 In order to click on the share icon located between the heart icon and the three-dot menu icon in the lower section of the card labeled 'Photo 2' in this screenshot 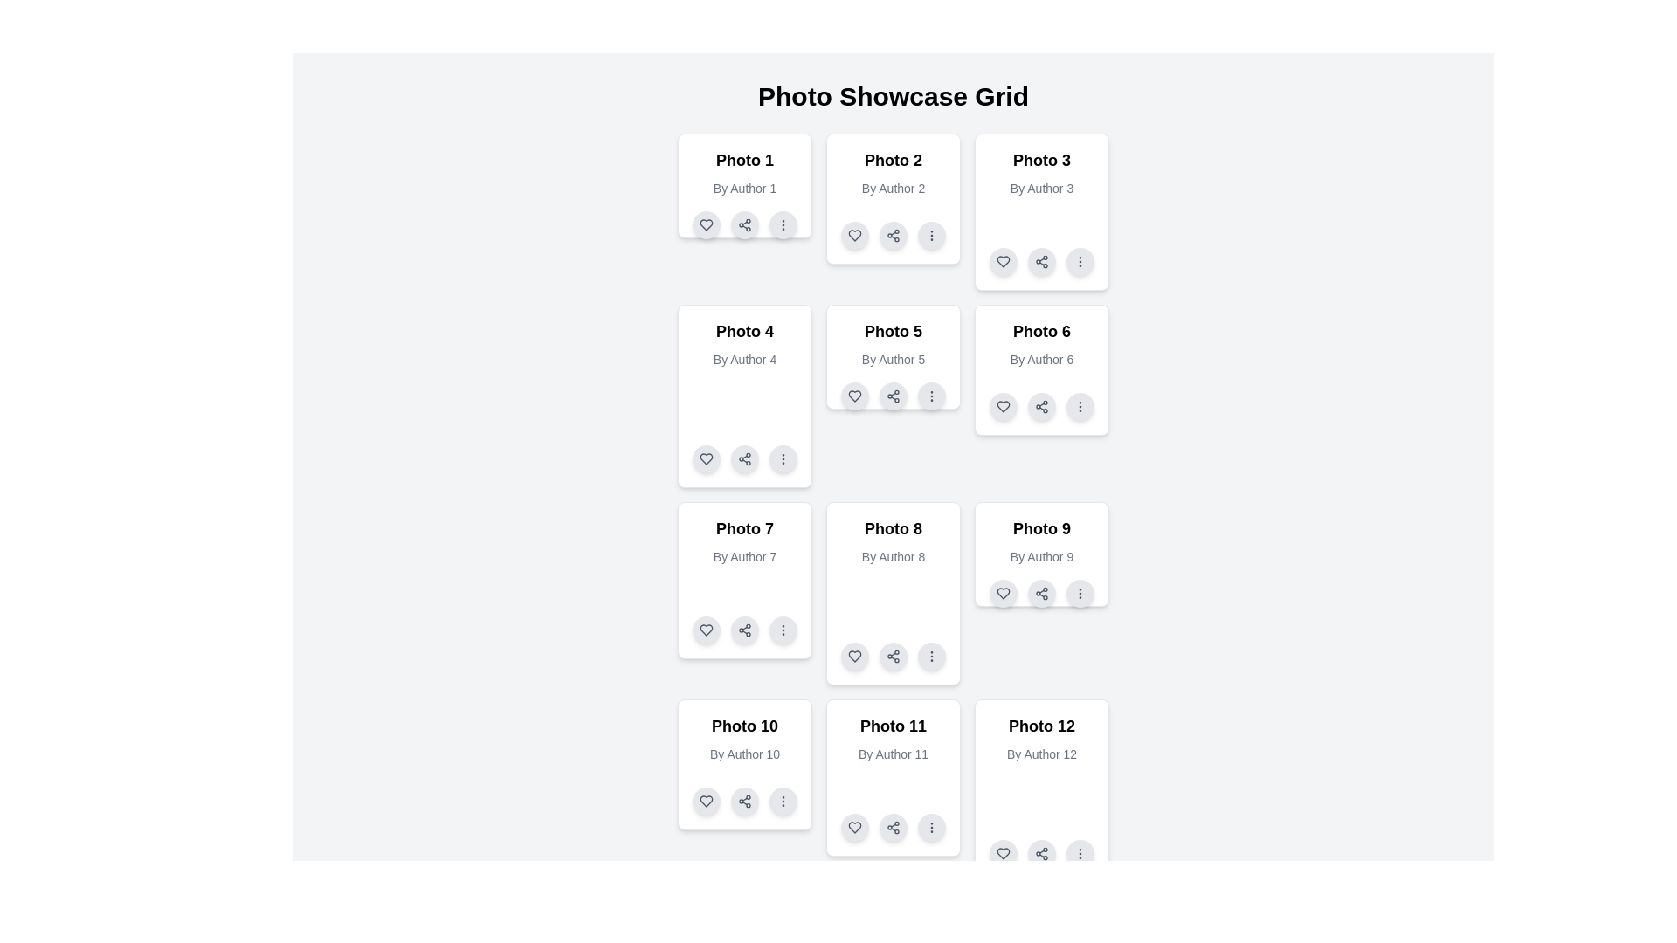, I will do `click(893, 236)`.